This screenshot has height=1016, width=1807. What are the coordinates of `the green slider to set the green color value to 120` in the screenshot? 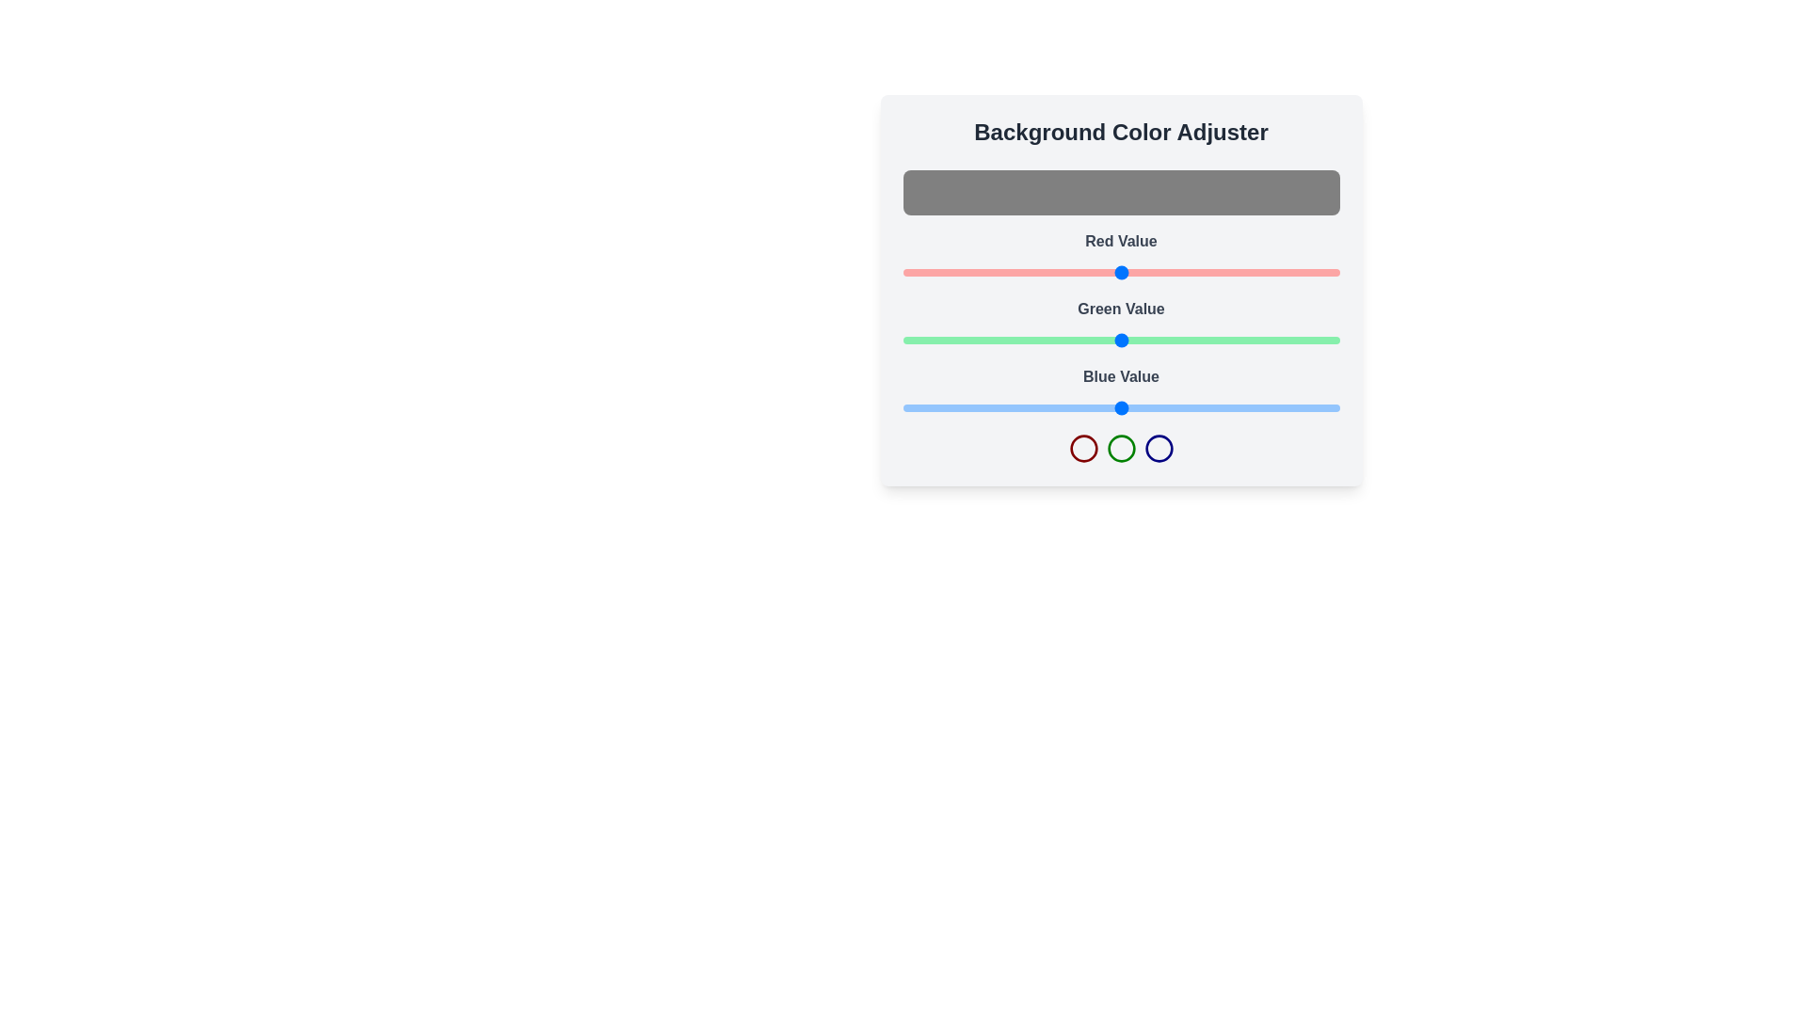 It's located at (1108, 341).